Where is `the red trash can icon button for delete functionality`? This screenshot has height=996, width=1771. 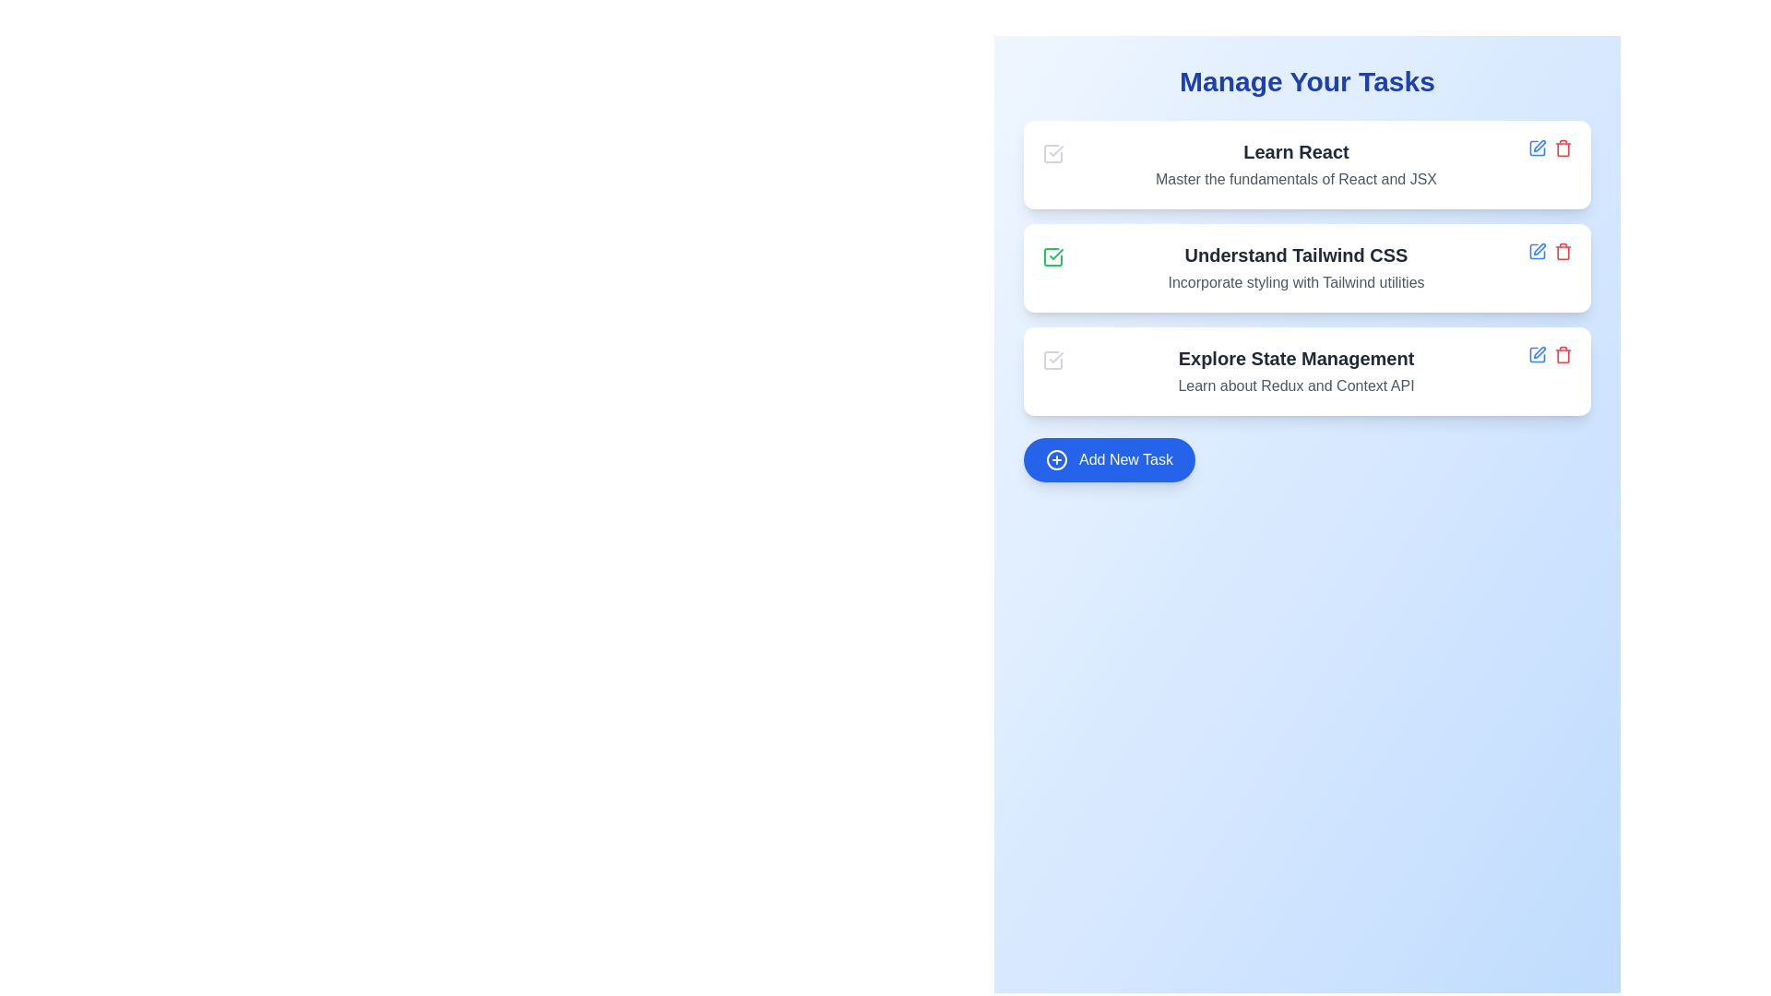
the red trash can icon button for delete functionality is located at coordinates (1562, 355).